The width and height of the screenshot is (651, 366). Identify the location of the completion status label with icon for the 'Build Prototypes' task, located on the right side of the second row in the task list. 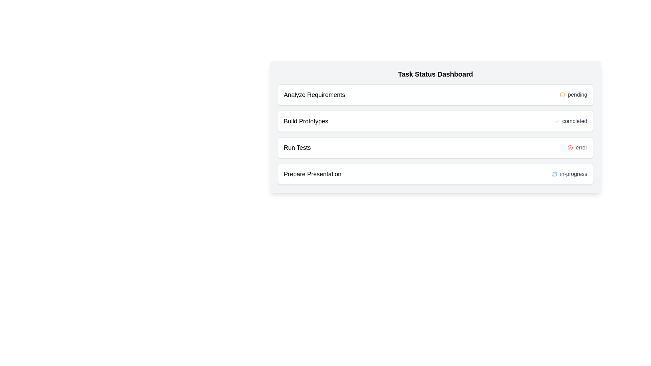
(570, 121).